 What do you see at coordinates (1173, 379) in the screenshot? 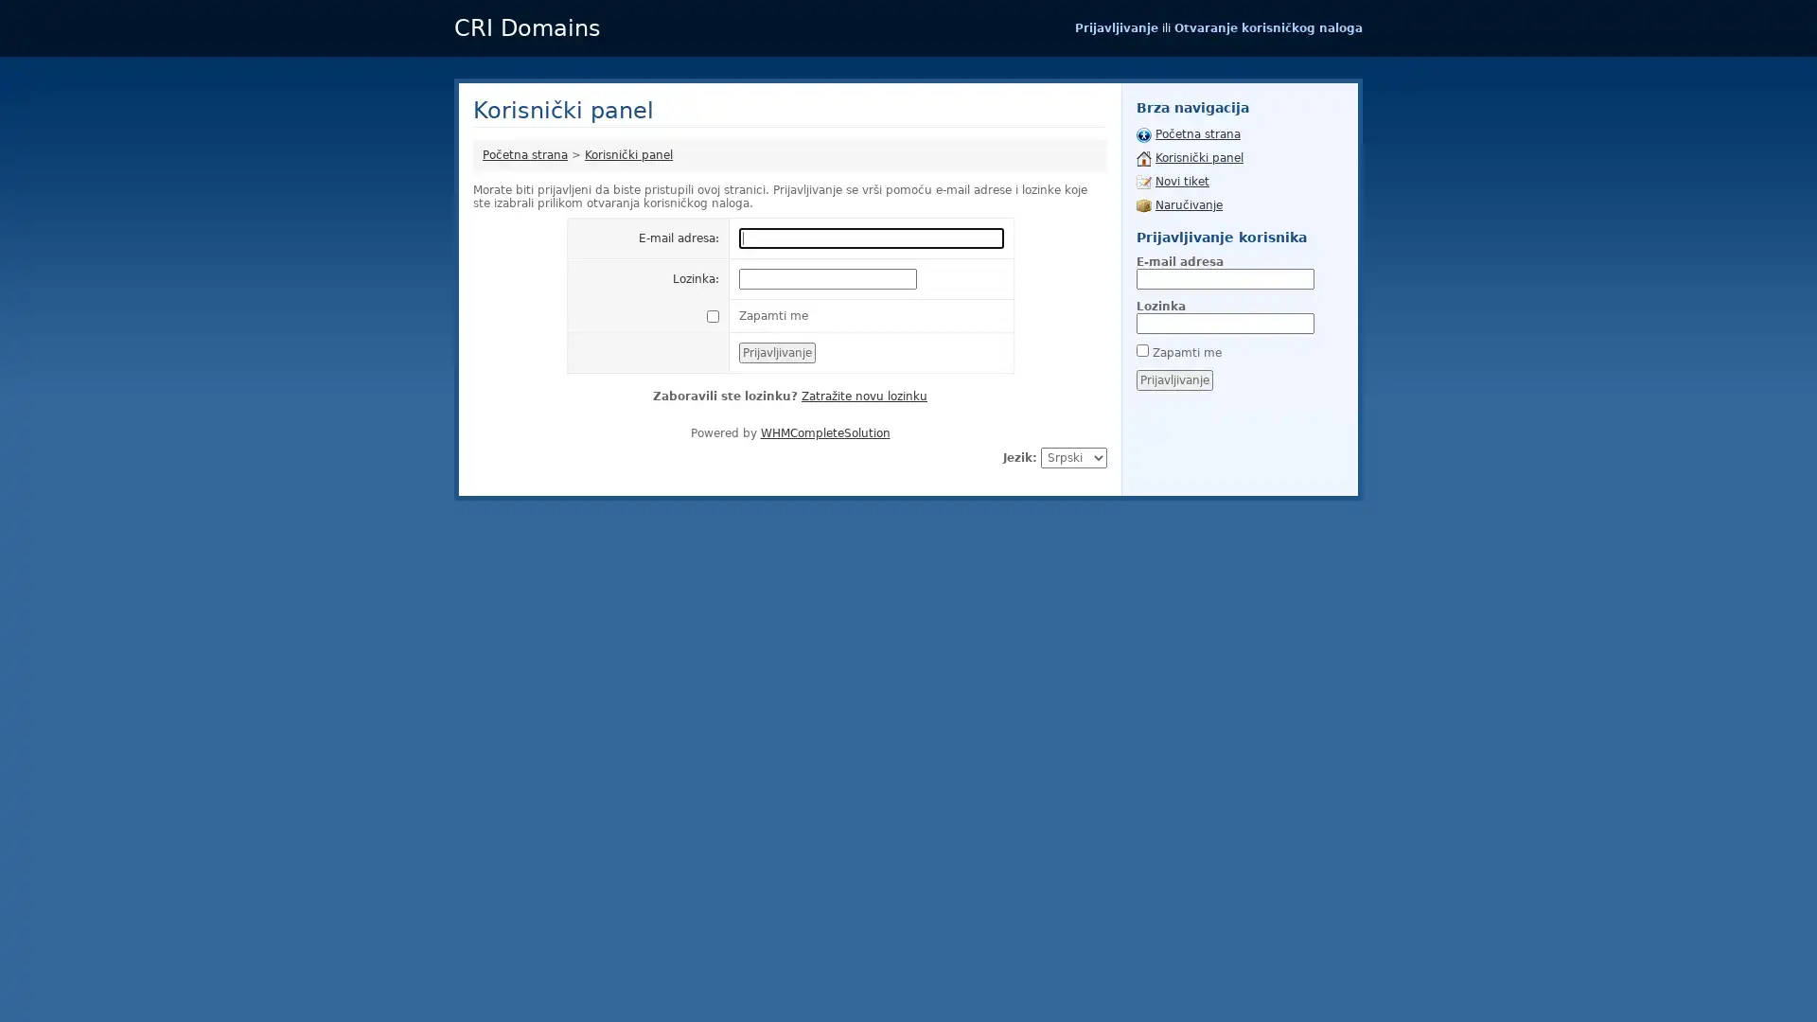
I see `Prijavljivanje` at bounding box center [1173, 379].